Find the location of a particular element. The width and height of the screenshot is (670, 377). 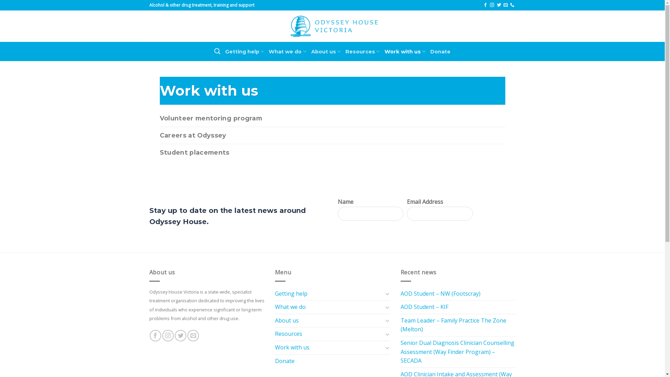

'Work with us' is located at coordinates (328, 347).